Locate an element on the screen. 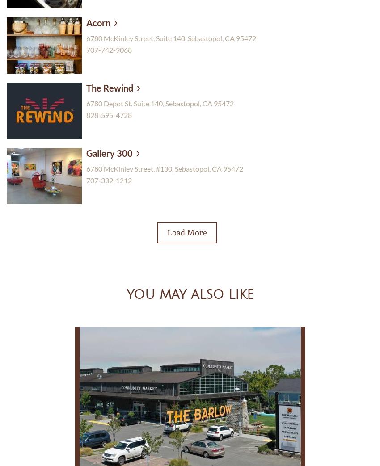 The width and height of the screenshot is (380, 466). '707-332-1212' is located at coordinates (109, 180).